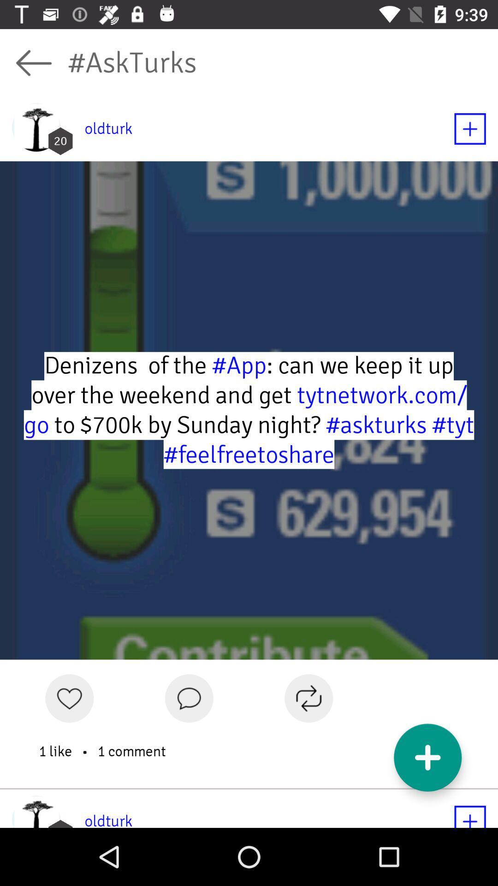 The image size is (498, 886). What do you see at coordinates (427, 757) in the screenshot?
I see `the add icon` at bounding box center [427, 757].